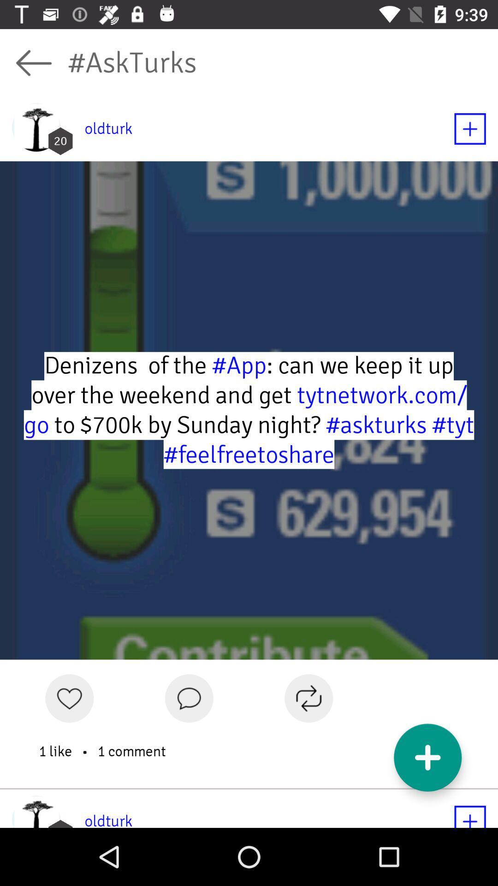 The image size is (498, 886). What do you see at coordinates (427, 757) in the screenshot?
I see `the add icon` at bounding box center [427, 757].